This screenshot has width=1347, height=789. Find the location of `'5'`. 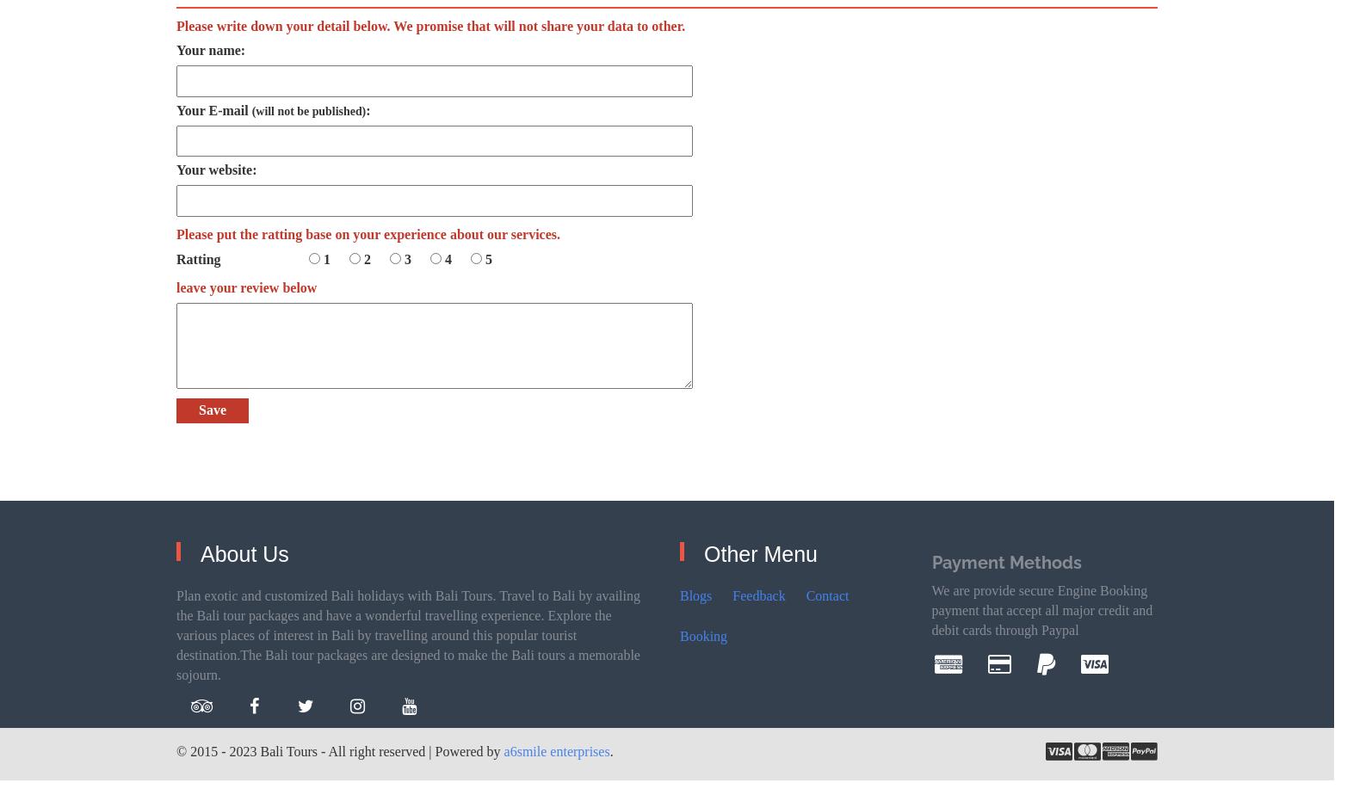

'5' is located at coordinates (488, 258).